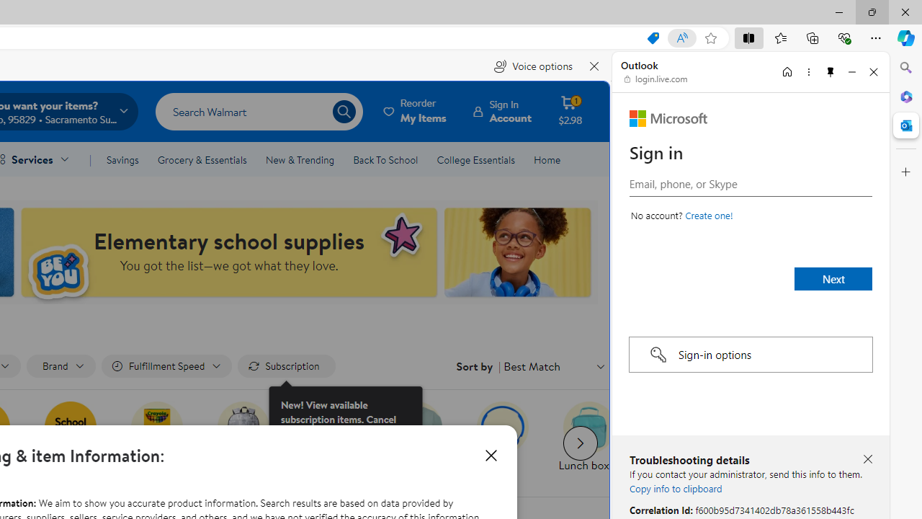 This screenshot has width=922, height=519. What do you see at coordinates (652, 37) in the screenshot?
I see `'This site has coupons! Shopping in Microsoft Edge, 7'` at bounding box center [652, 37].